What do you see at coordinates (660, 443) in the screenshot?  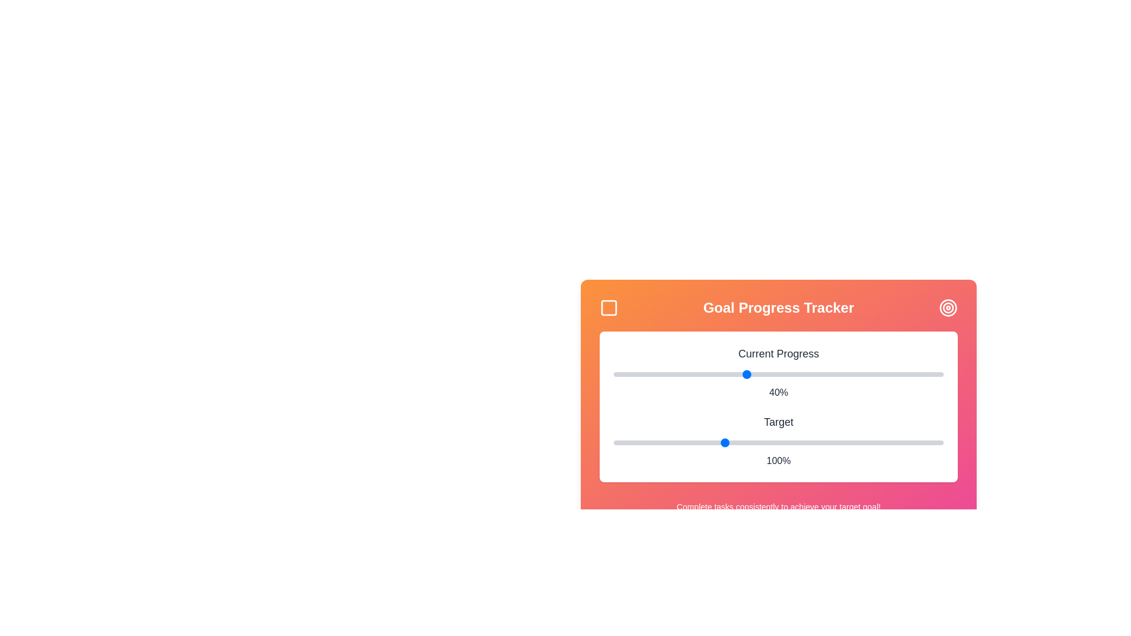 I see `the 'Target' slider to set its value to 71` at bounding box center [660, 443].